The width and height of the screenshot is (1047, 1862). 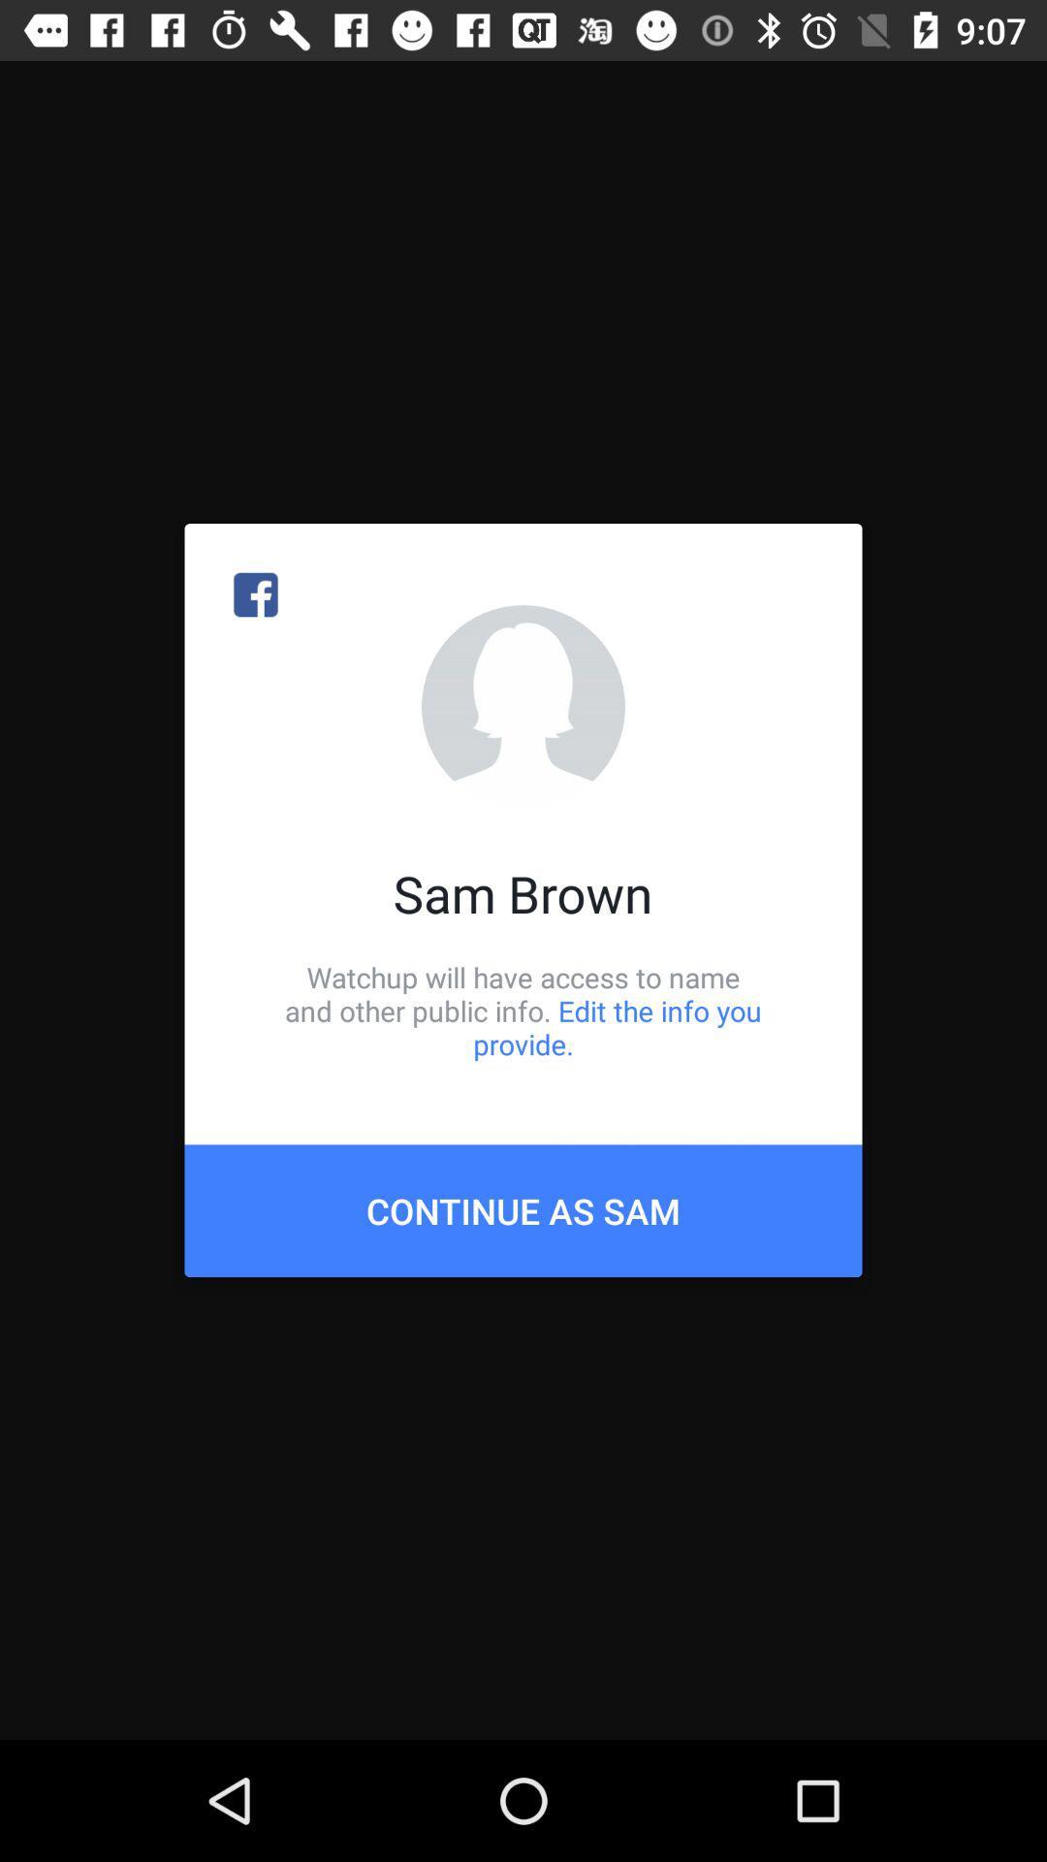 What do you see at coordinates (523, 1010) in the screenshot?
I see `the item below sam brown icon` at bounding box center [523, 1010].